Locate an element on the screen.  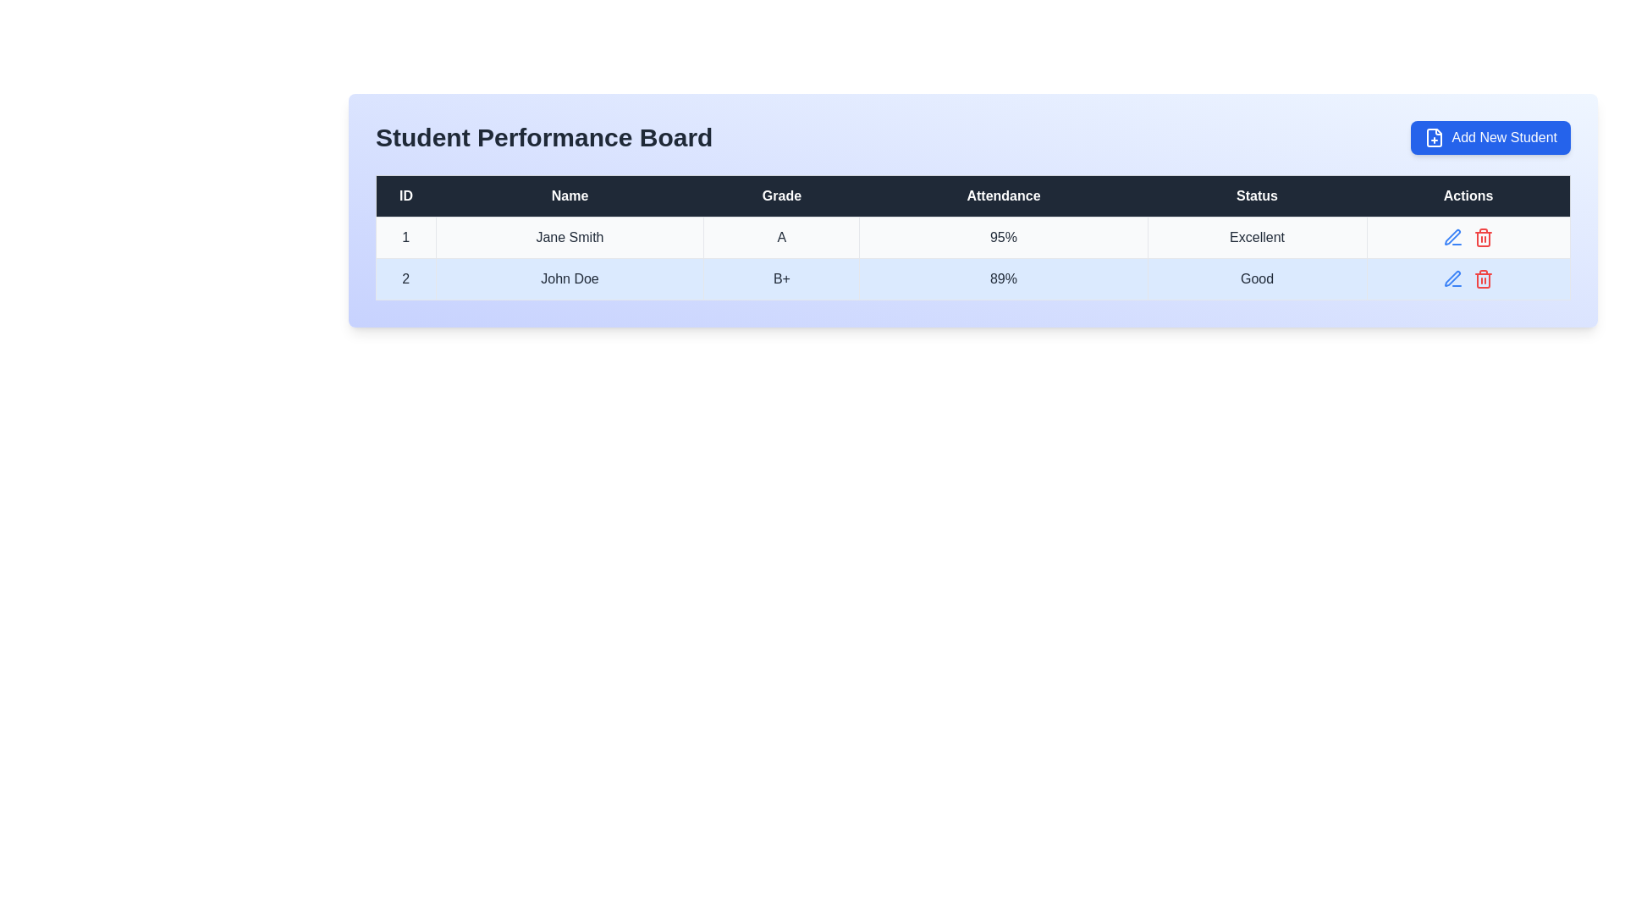
the red trash can icon in the Actions column of the table row for 'Jane Smith' is located at coordinates (1468, 238).